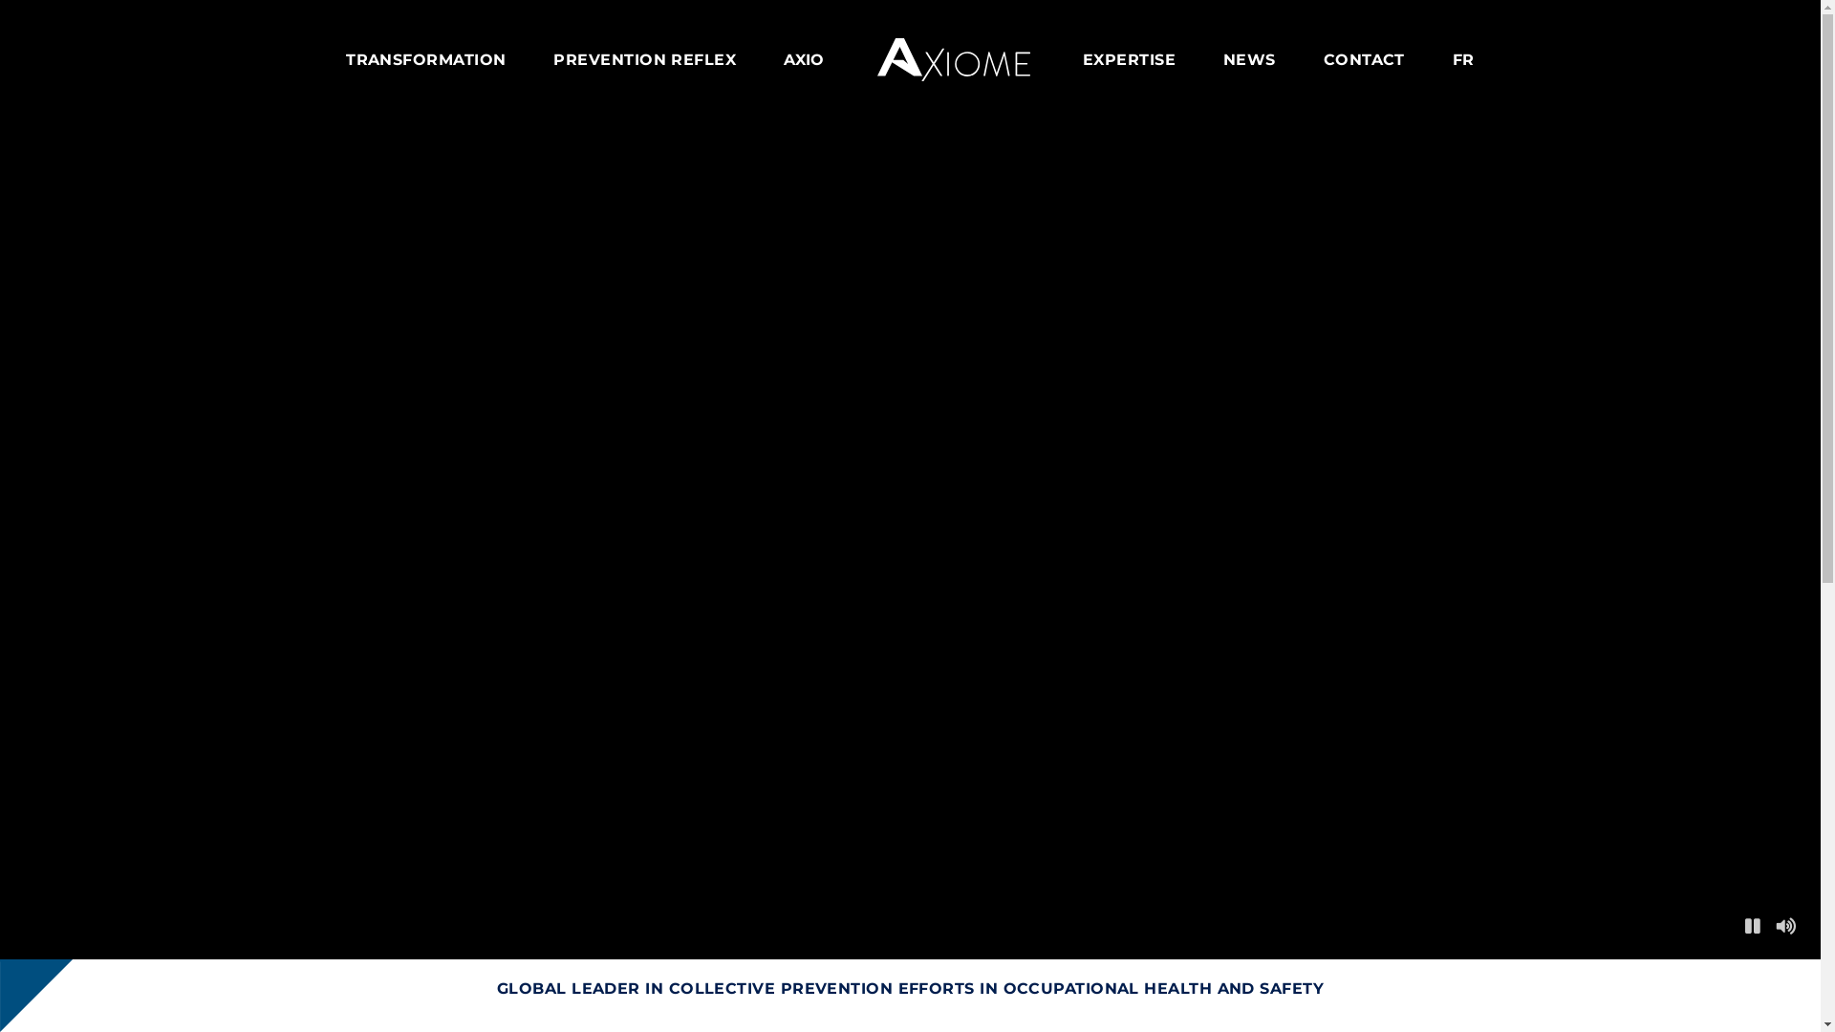  Describe the element at coordinates (644, 59) in the screenshot. I see `'PREVENTION REFLEX'` at that location.